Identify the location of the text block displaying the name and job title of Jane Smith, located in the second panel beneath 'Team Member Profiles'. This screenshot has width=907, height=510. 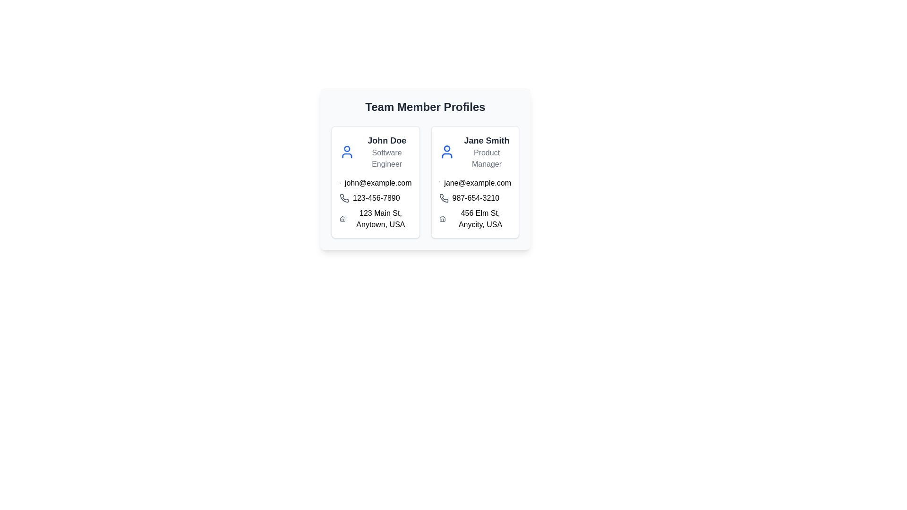
(475, 151).